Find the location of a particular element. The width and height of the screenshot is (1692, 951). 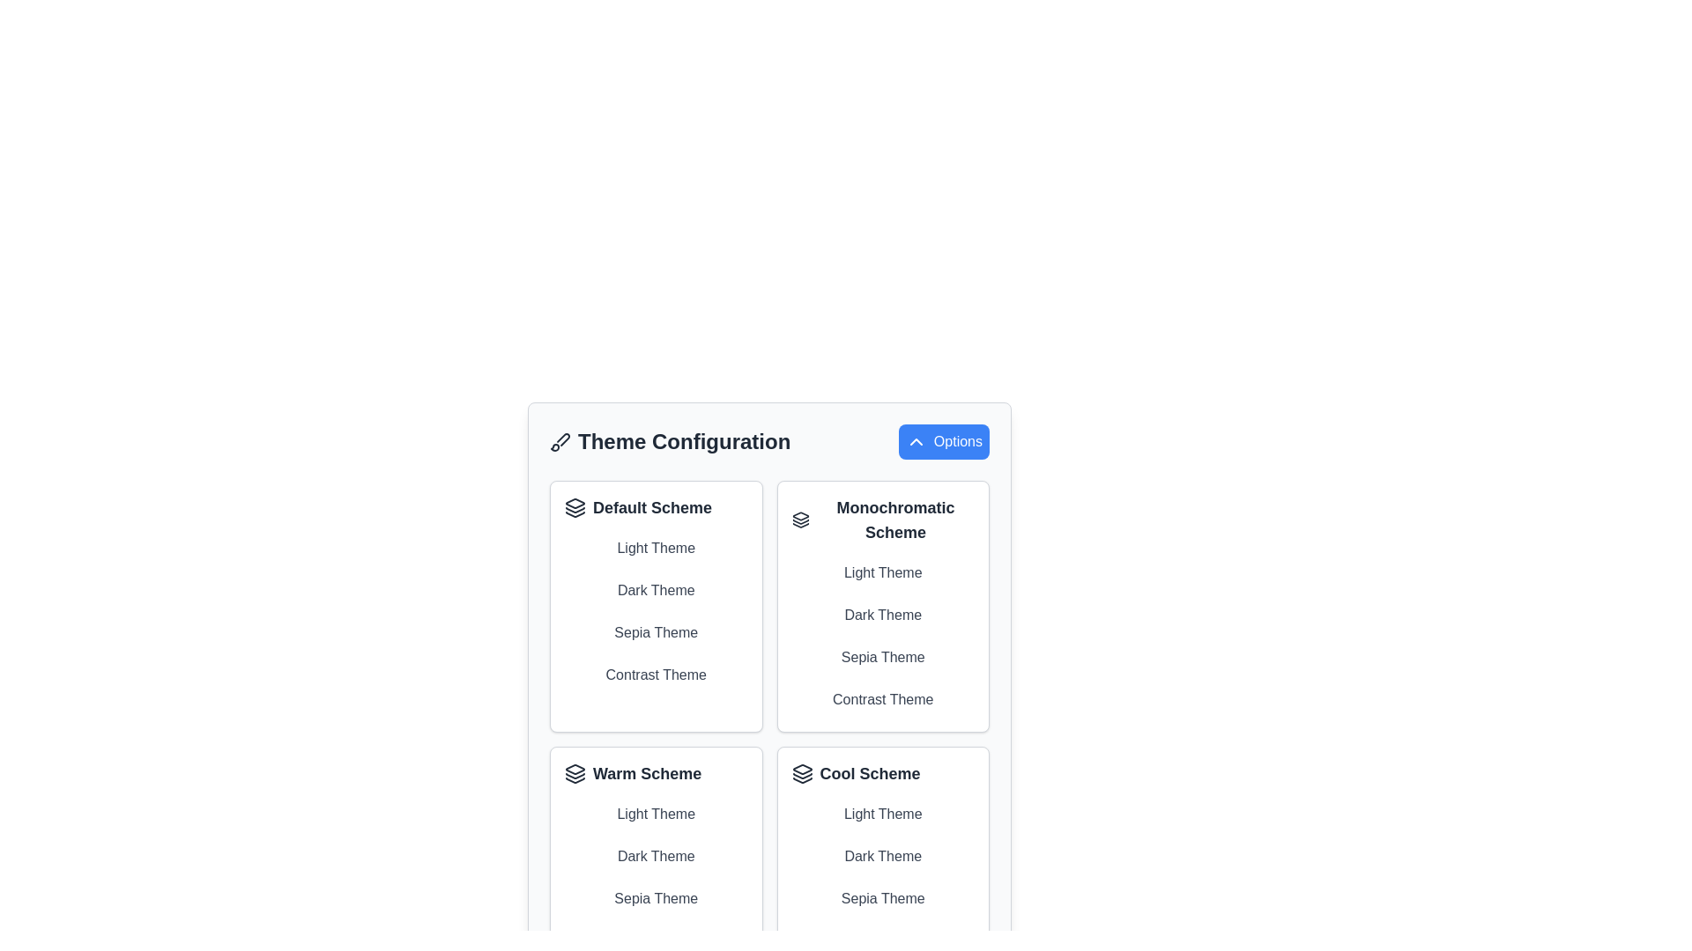

the 'Light Theme' selectable text button, which is a rectangular button-like text component with dark gray text and rounded corners, located at the top of the options under the 'Cool Scheme' category is located at coordinates (883, 815).